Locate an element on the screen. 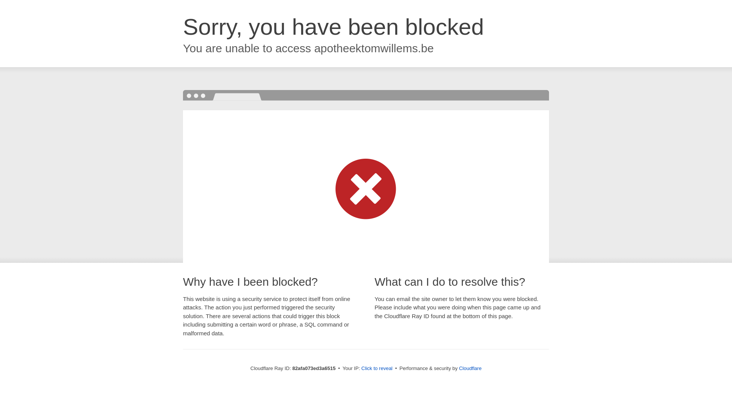 The image size is (732, 412). 'Cloudflare' is located at coordinates (459, 368).